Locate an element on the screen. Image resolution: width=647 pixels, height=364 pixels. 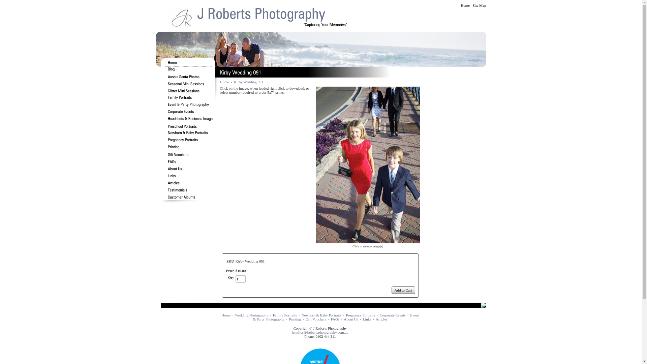
'jennifer@jrobertsphotography.com.au' is located at coordinates (320, 332).